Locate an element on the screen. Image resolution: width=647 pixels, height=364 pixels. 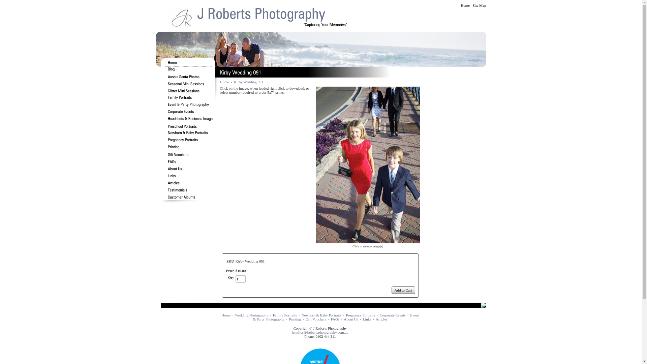
'jennifer@jrobertsphotography.com.au' is located at coordinates (320, 332).